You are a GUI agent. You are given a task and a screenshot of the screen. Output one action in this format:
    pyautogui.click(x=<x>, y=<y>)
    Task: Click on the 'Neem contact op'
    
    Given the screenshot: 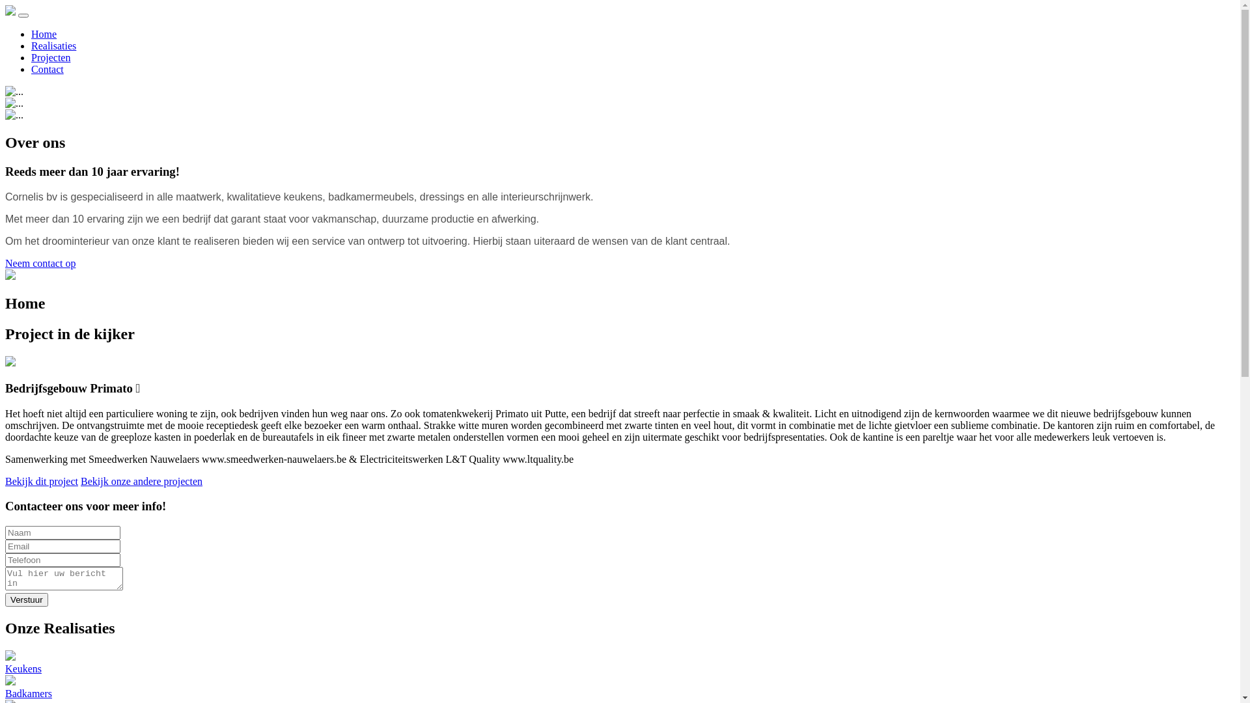 What is the action you would take?
    pyautogui.click(x=40, y=263)
    